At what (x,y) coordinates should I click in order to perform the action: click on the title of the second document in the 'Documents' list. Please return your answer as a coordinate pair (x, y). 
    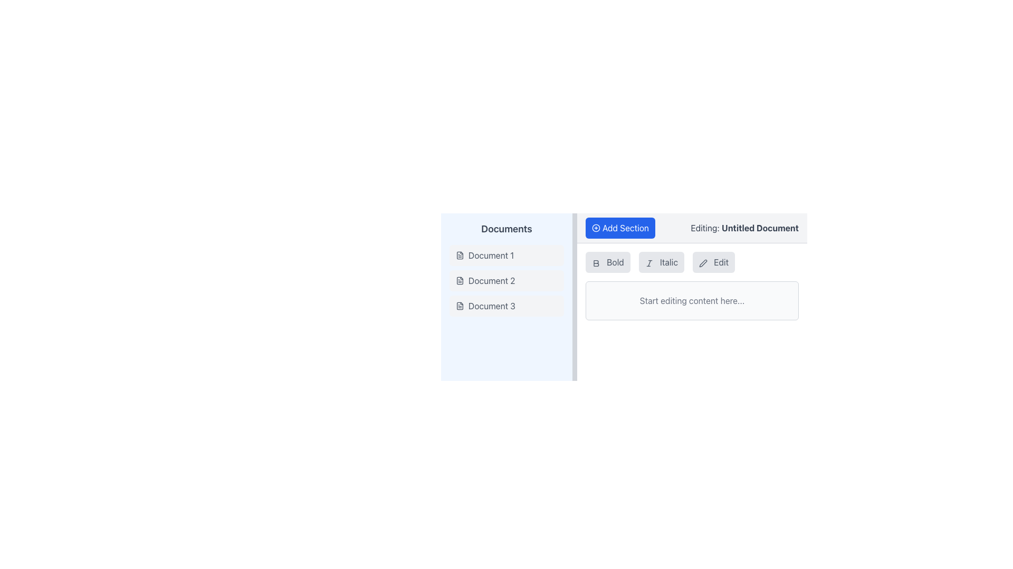
    Looking at the image, I should click on (491, 280).